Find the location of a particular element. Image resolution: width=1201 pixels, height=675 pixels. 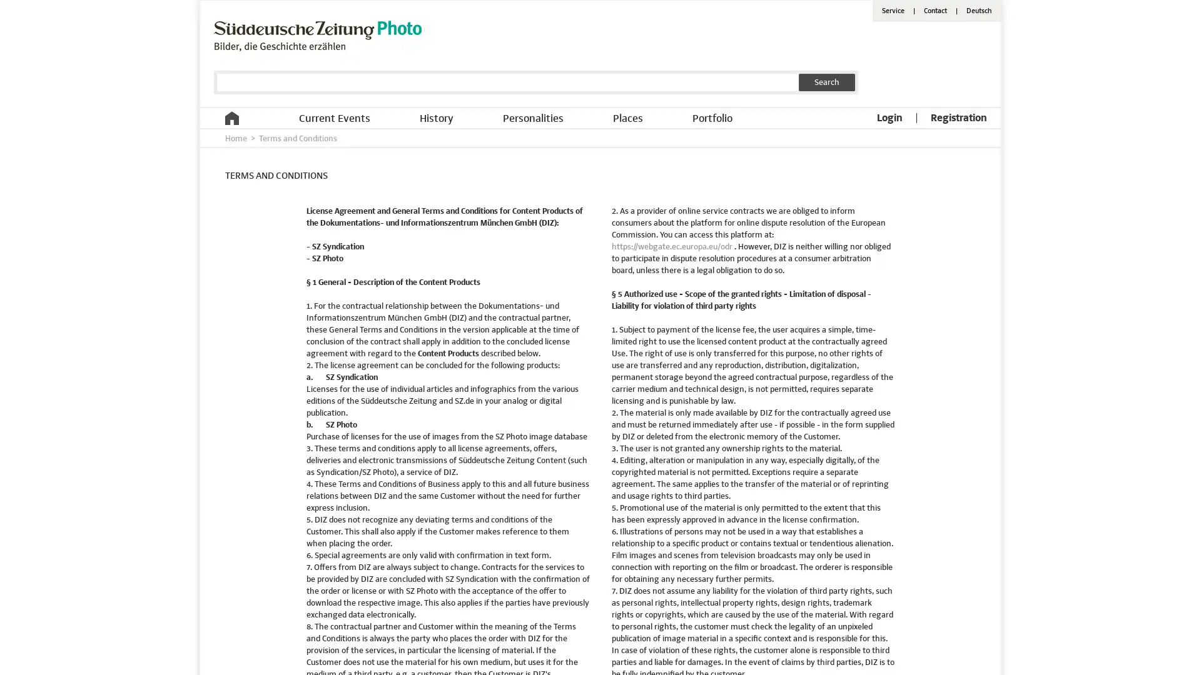

Search is located at coordinates (826, 82).